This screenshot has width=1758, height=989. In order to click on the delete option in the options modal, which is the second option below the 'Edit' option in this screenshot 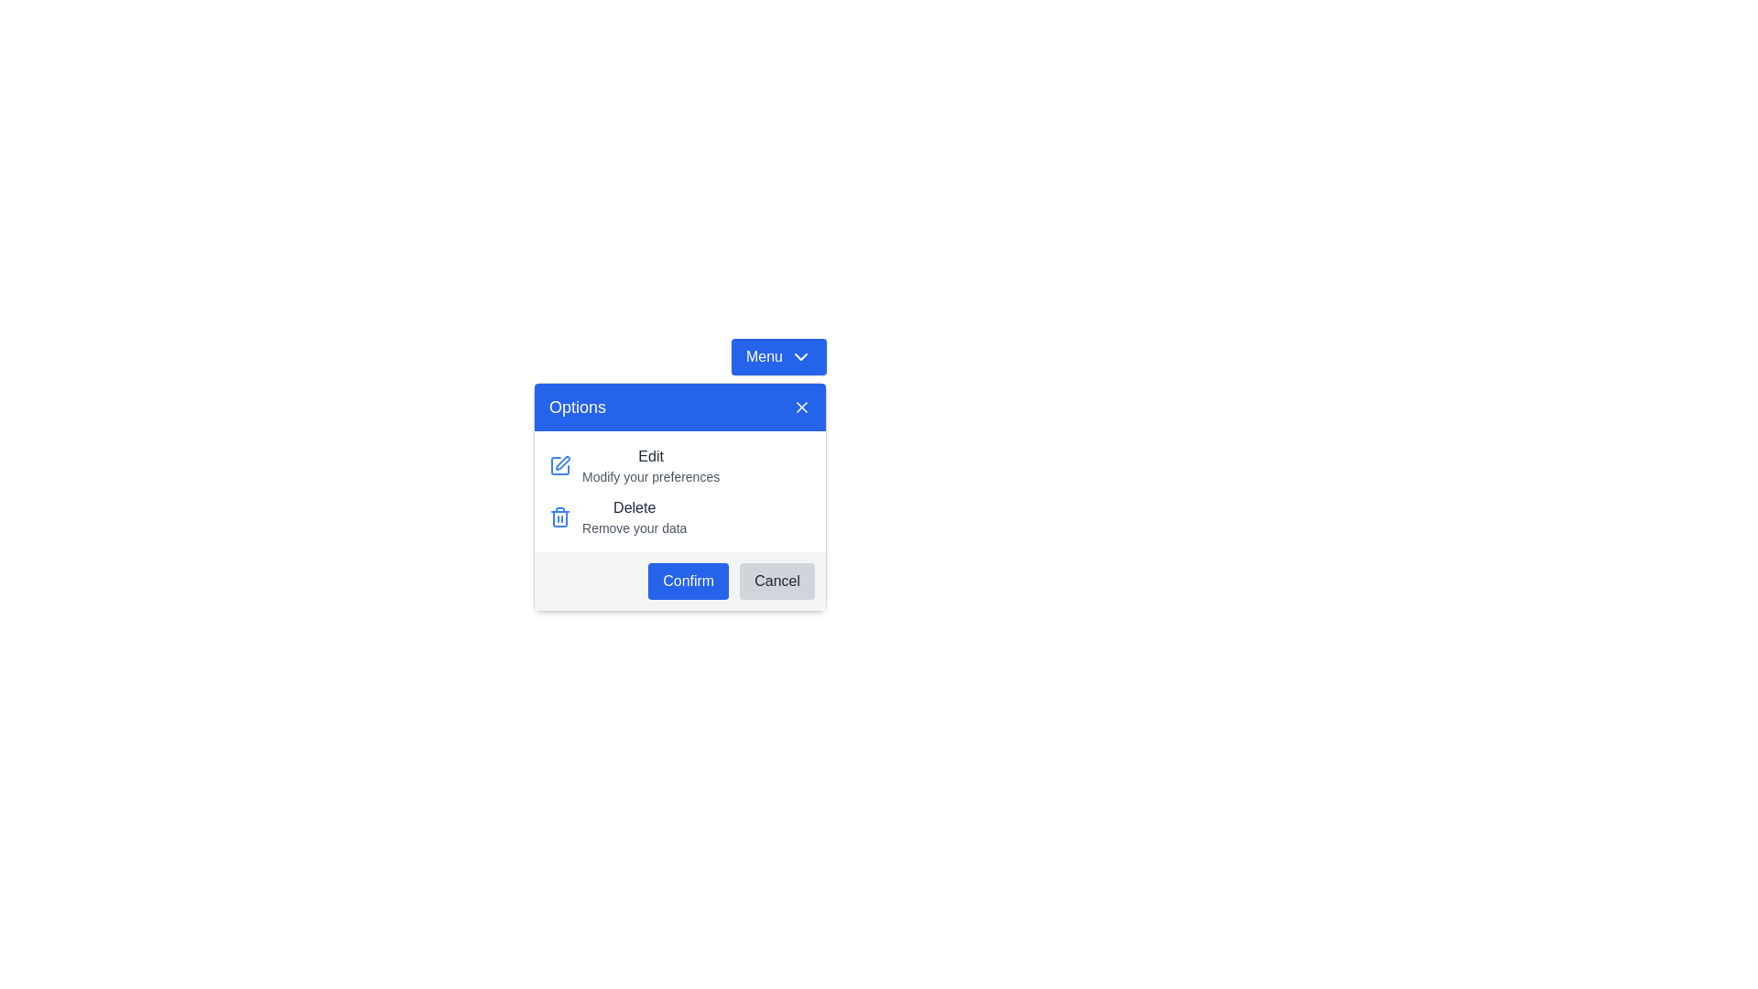, I will do `click(679, 516)`.